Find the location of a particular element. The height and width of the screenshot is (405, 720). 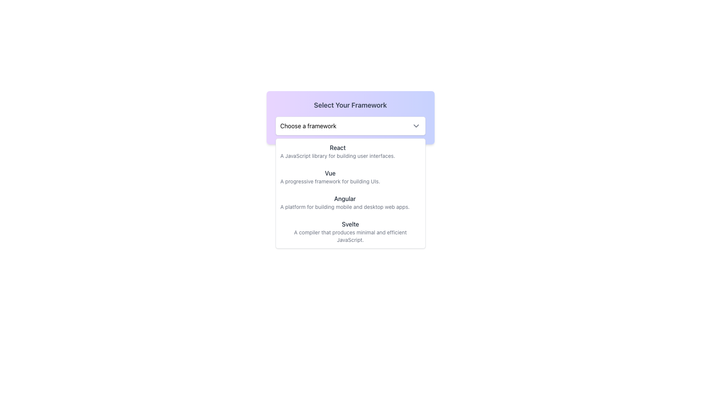

the 'Choose a framework' text label which indicates the current selection in the dropdown menu is located at coordinates (308, 125).